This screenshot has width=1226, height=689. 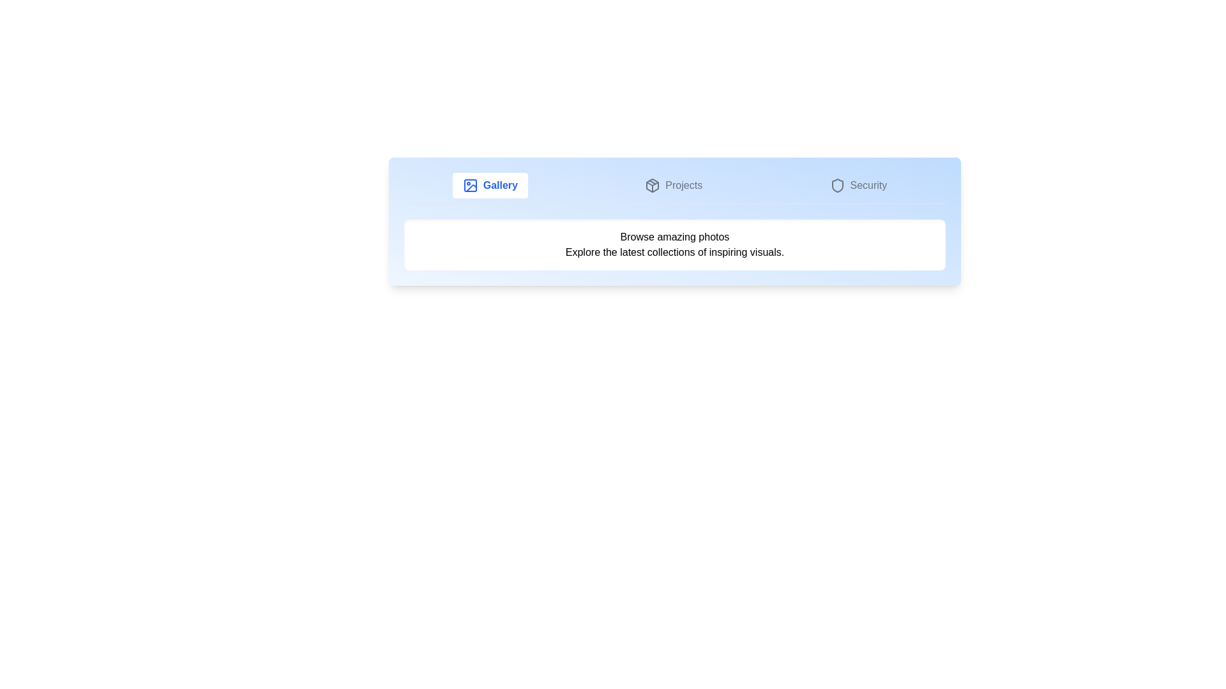 What do you see at coordinates (858, 185) in the screenshot?
I see `the Security tab by clicking its respective button` at bounding box center [858, 185].